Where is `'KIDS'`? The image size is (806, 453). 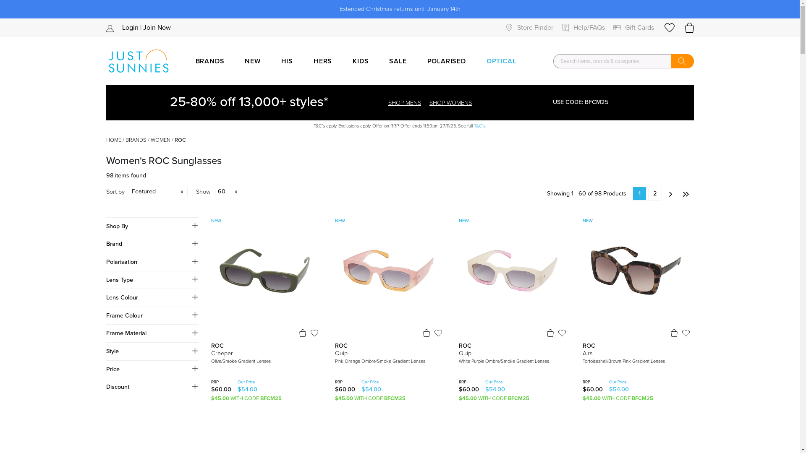
'KIDS' is located at coordinates (361, 60).